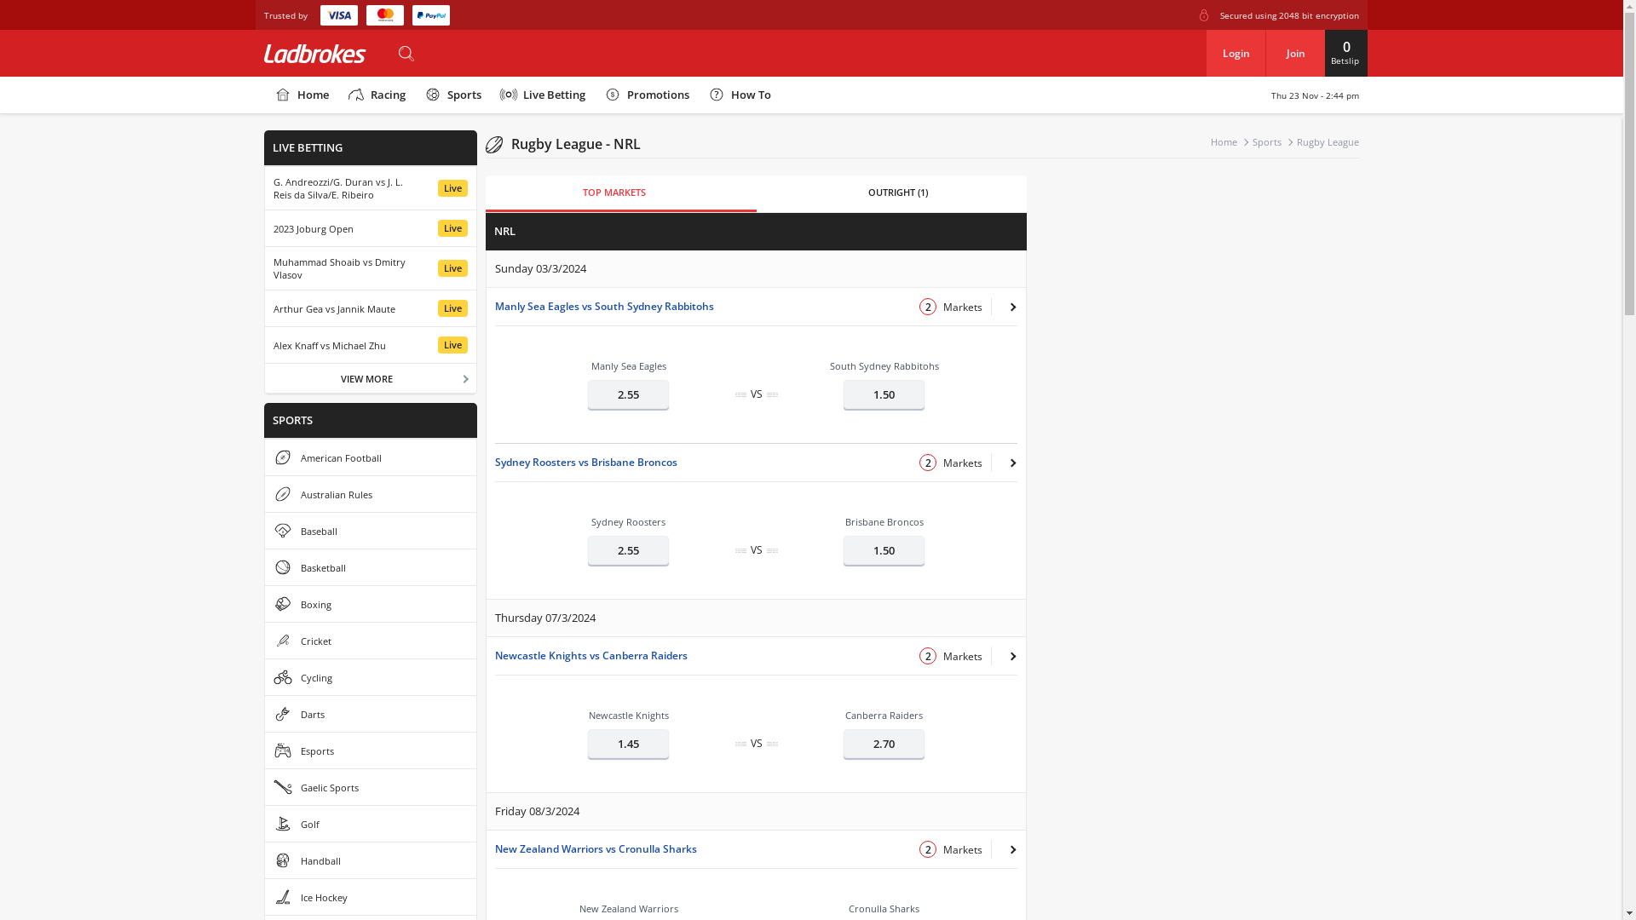 The height and width of the screenshot is (920, 1636). I want to click on 'Sports', so click(452, 95).